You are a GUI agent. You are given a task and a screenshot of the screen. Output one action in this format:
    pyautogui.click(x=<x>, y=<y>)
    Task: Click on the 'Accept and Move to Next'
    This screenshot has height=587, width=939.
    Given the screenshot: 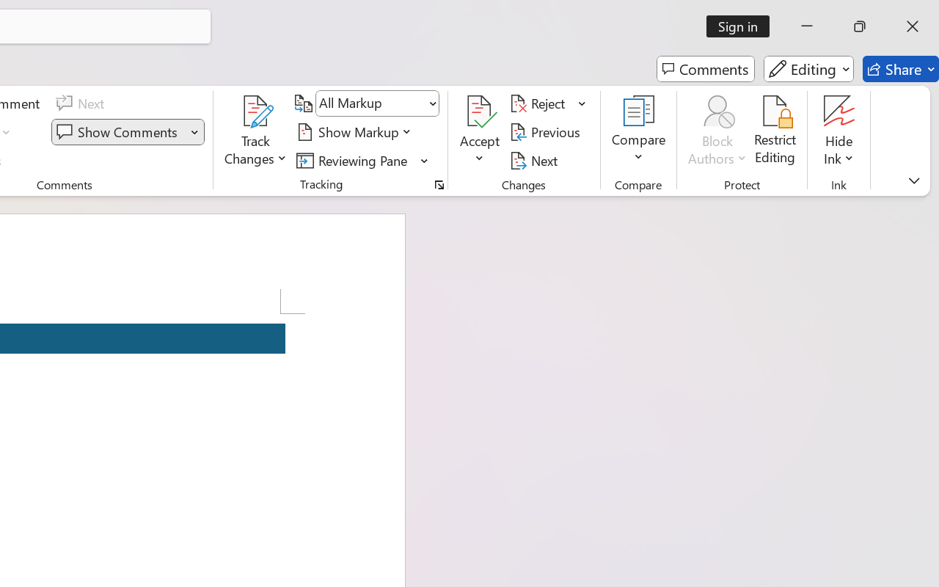 What is the action you would take?
    pyautogui.click(x=480, y=111)
    